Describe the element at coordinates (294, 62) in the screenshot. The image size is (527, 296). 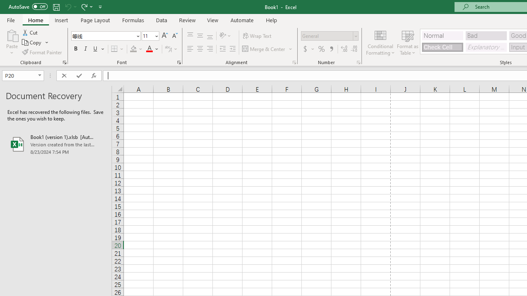
I see `'Format Cell Alignment'` at that location.